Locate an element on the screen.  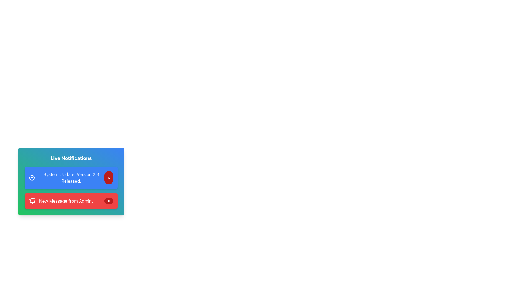
the notification alert icon located on the left side of the red notification bar that contains the text 'New Message from Admin.' is located at coordinates (32, 201).